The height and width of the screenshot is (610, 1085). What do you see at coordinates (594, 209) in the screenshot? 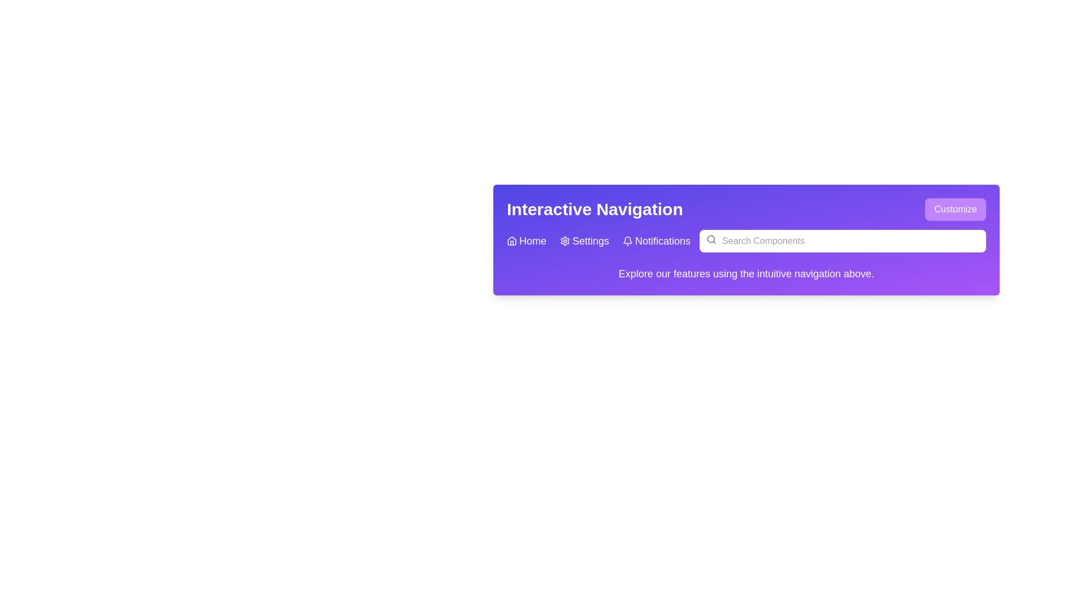
I see `the bold heading element displaying 'Interactive Navigation' with white text on a purple background` at bounding box center [594, 209].